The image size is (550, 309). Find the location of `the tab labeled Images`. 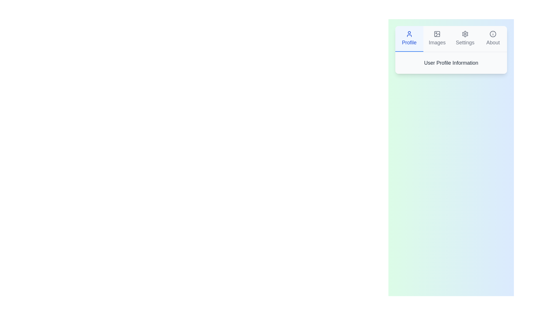

the tab labeled Images is located at coordinates (437, 39).